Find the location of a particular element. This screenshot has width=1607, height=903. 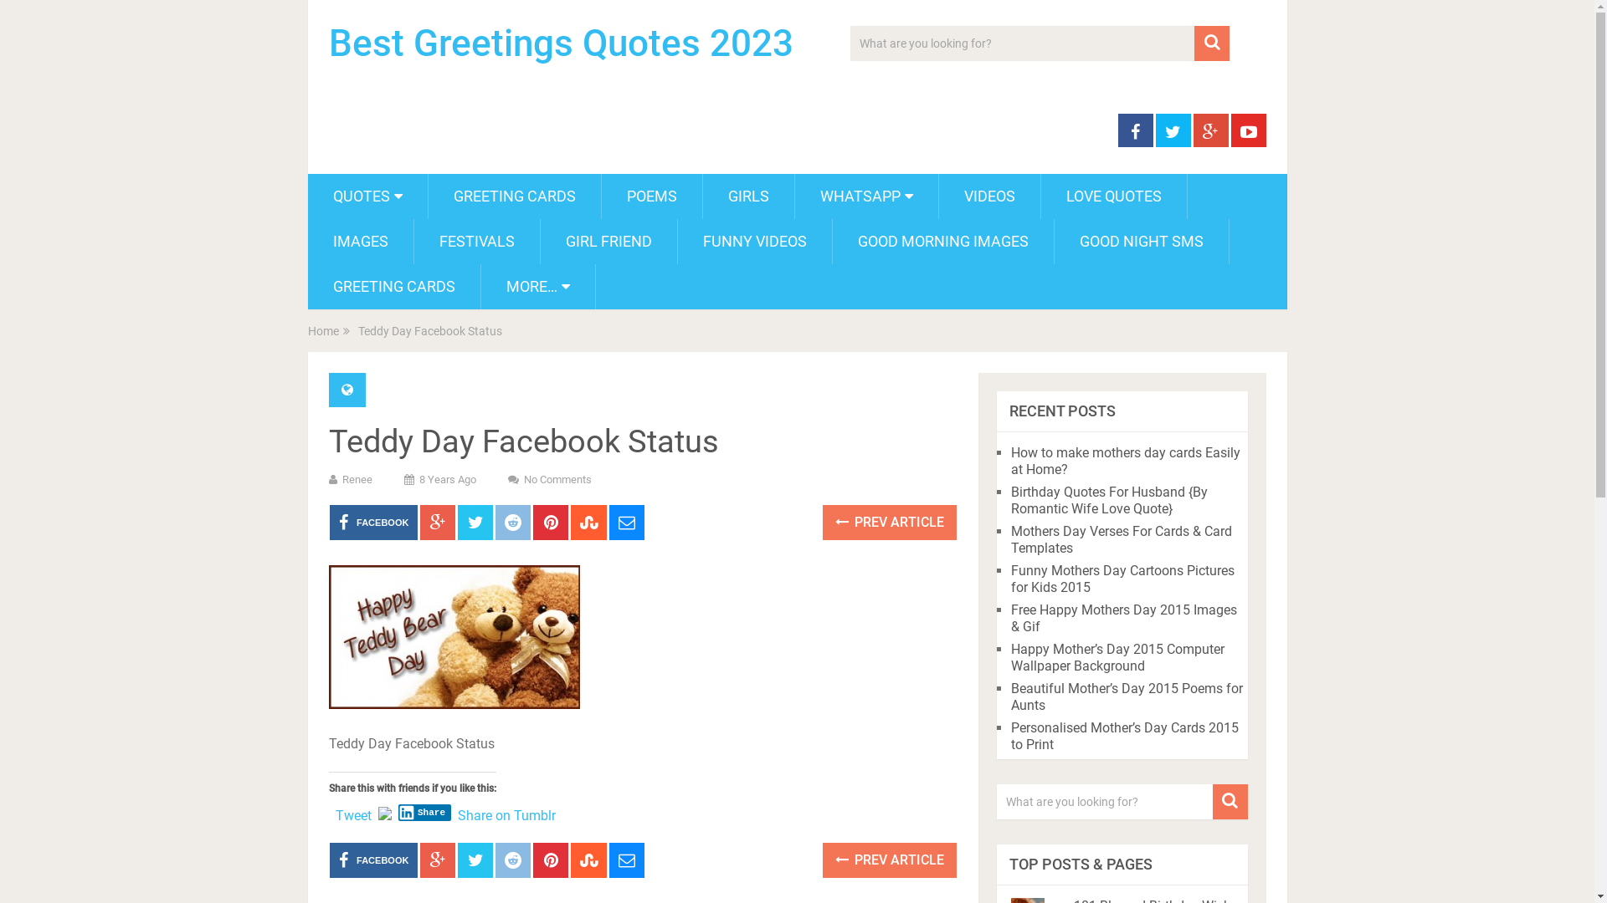

'PREV ARTICLE' is located at coordinates (823, 860).